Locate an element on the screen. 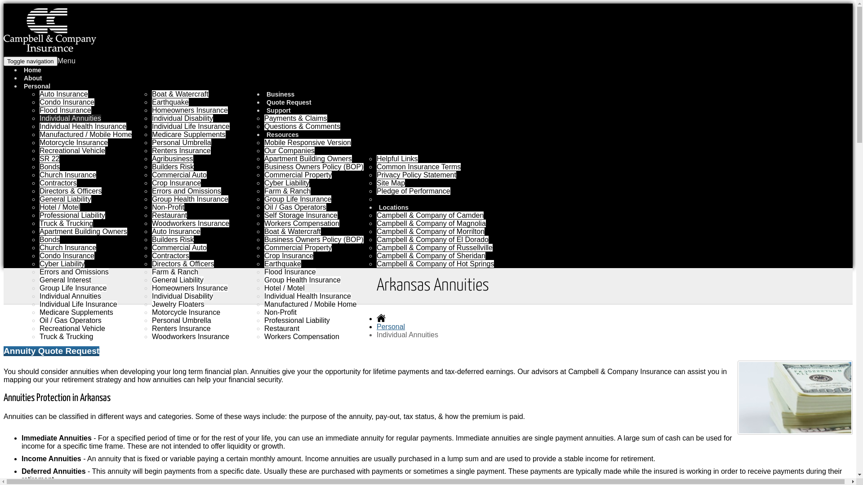  'Non-Profit' is located at coordinates (168, 207).